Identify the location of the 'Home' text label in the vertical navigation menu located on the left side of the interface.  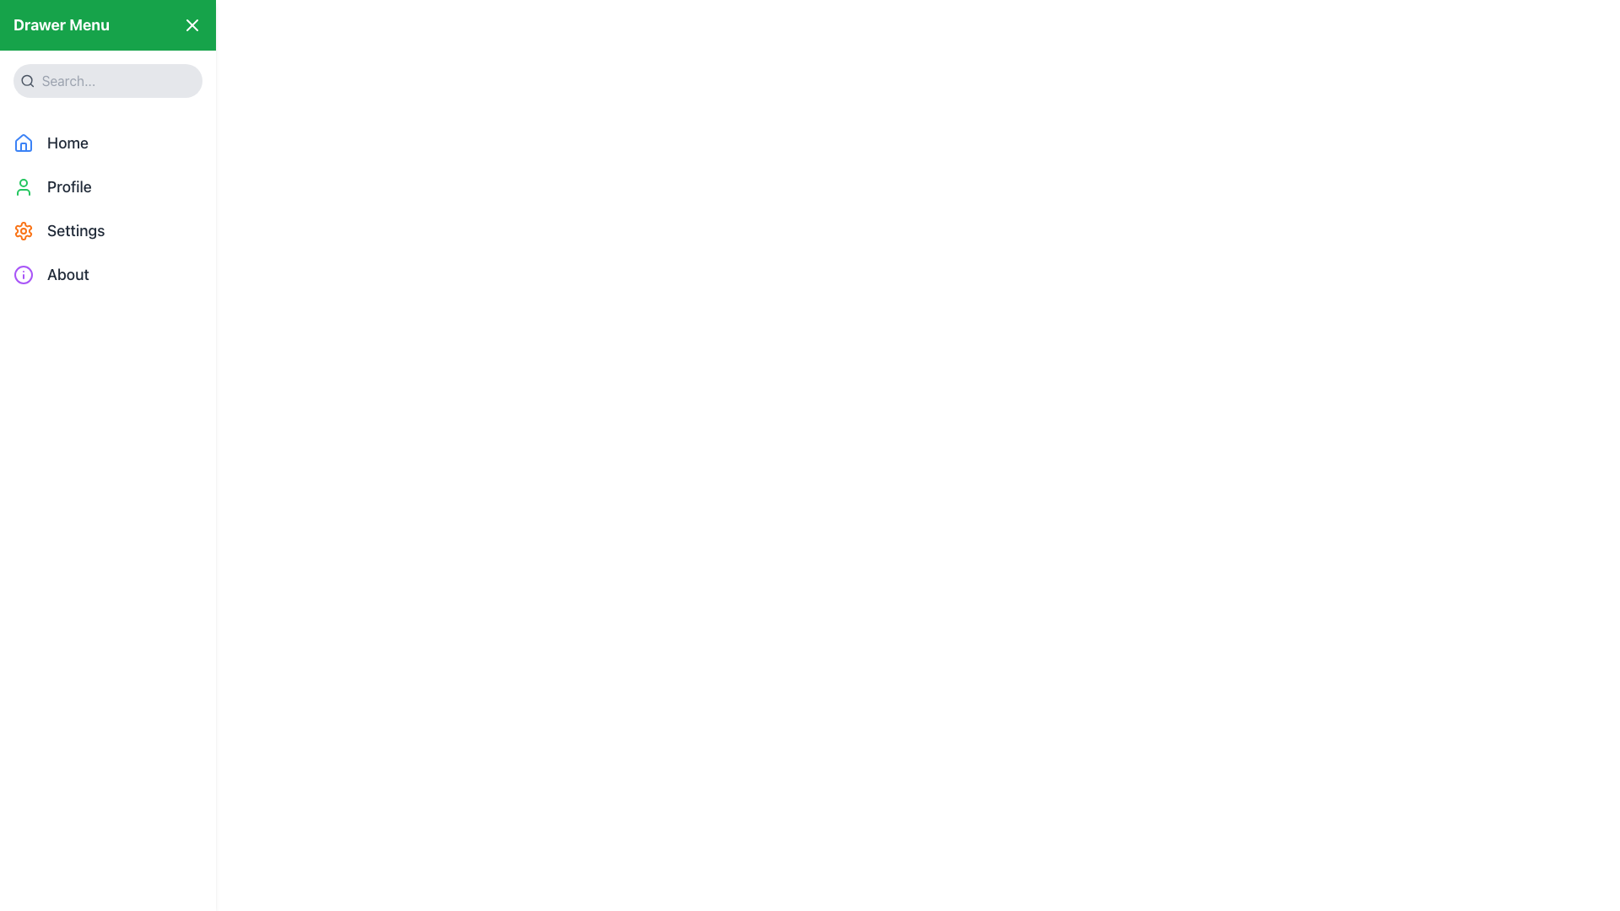
(67, 142).